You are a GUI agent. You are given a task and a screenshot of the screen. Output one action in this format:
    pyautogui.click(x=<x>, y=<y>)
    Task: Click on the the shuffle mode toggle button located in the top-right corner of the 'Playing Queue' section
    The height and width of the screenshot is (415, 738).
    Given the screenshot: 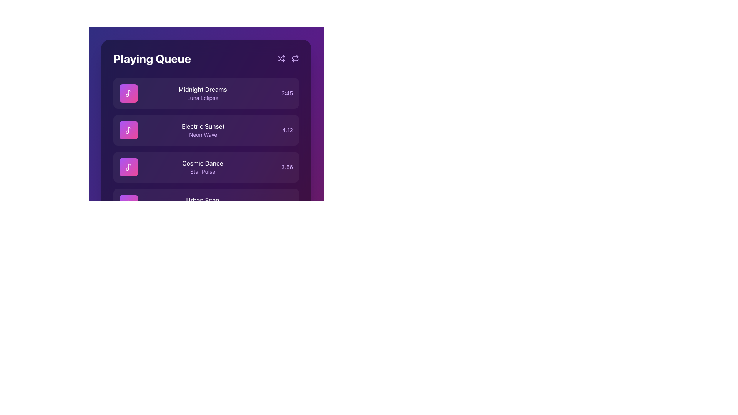 What is the action you would take?
    pyautogui.click(x=281, y=58)
    